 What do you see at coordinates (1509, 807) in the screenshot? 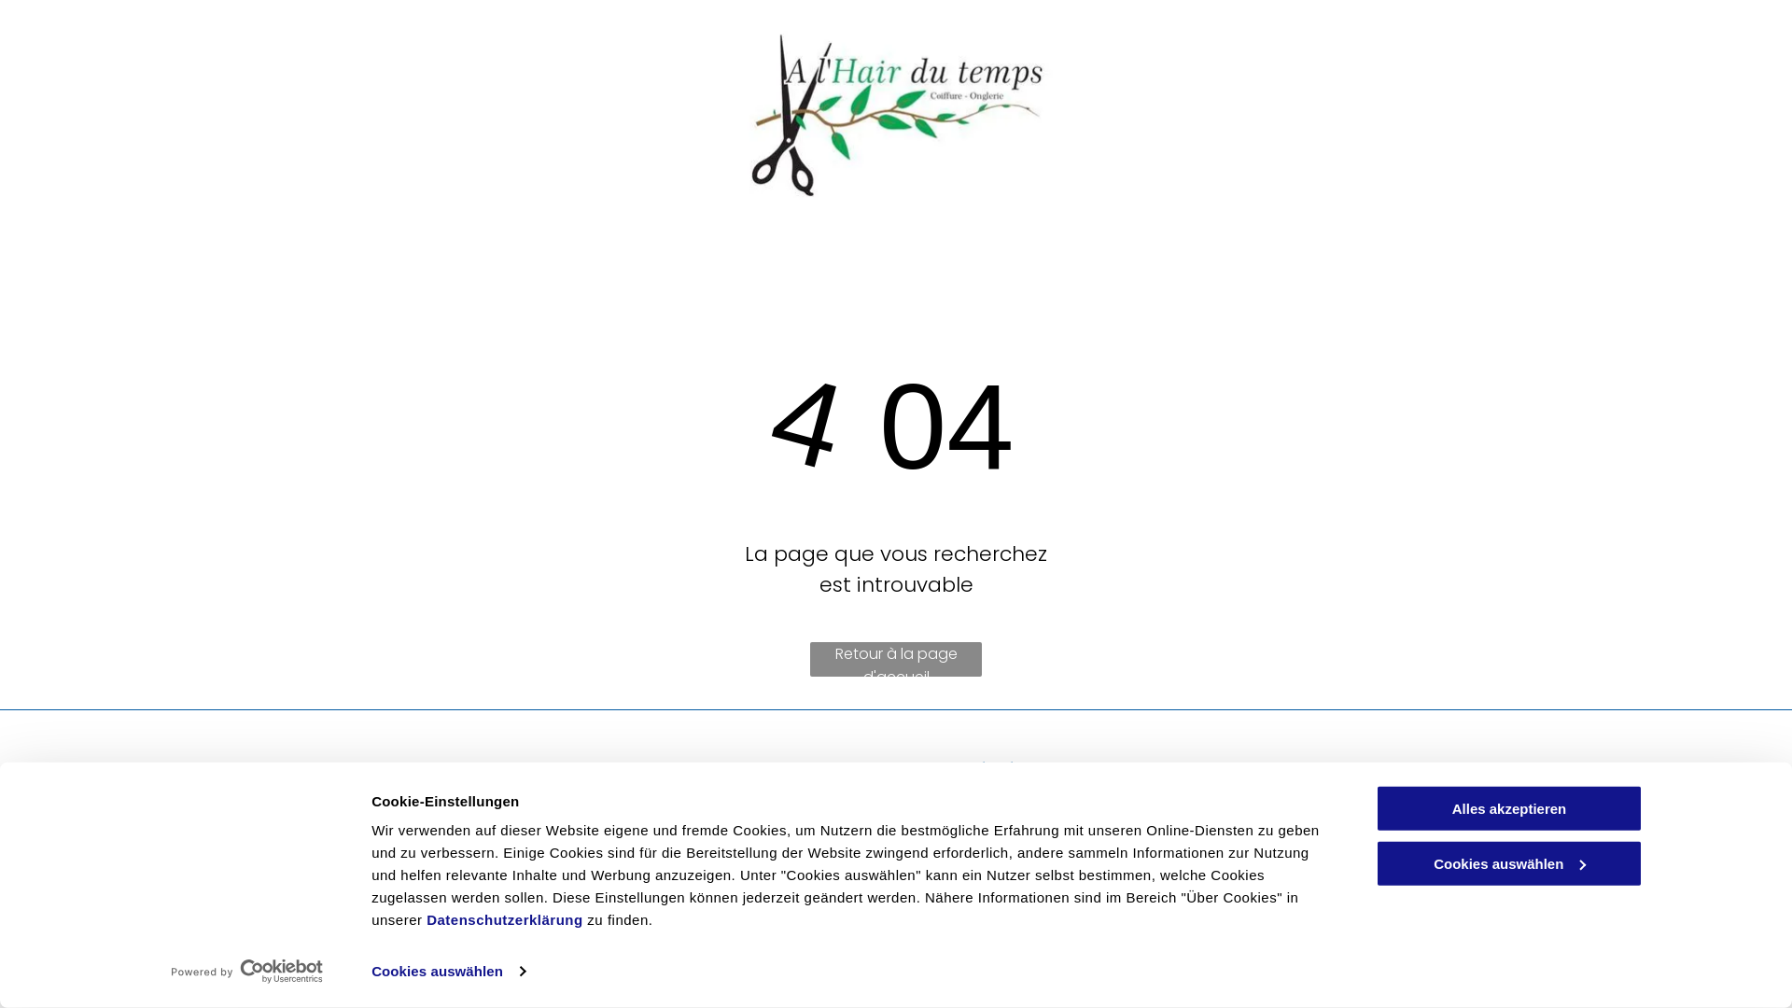
I see `'Alles akzeptieren'` at bounding box center [1509, 807].